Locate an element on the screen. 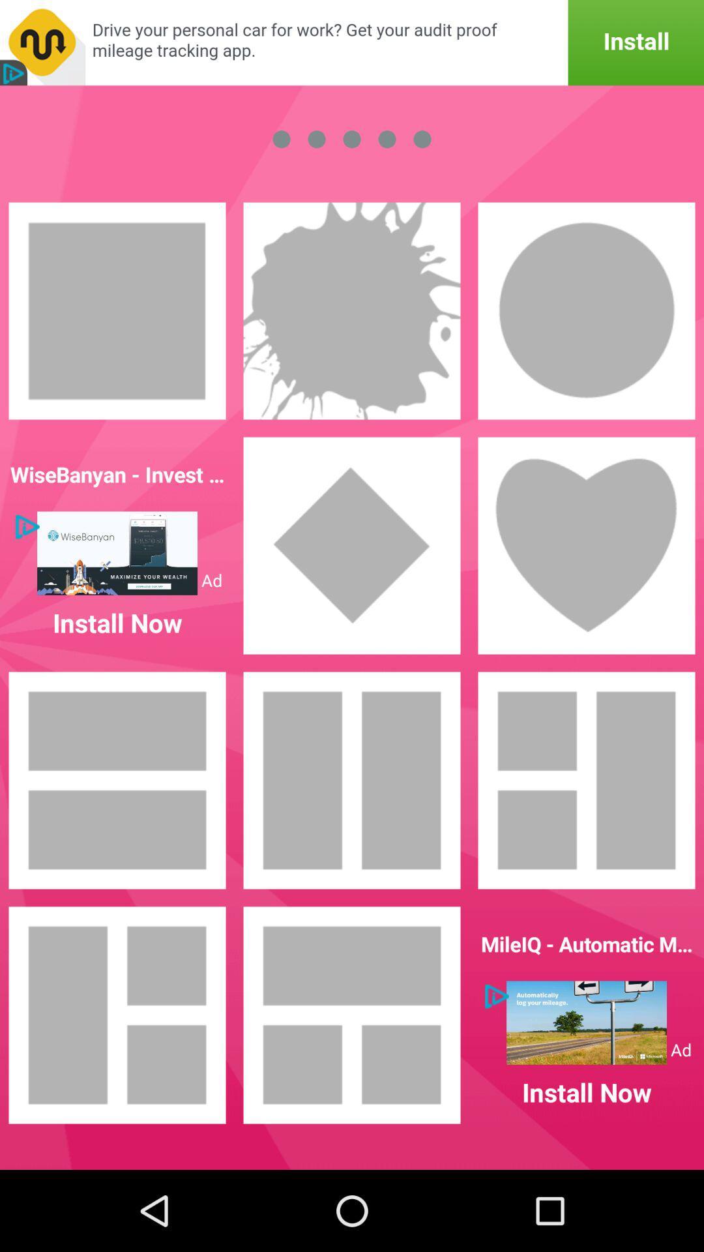 The height and width of the screenshot is (1252, 704). frame selection is located at coordinates (585, 545).